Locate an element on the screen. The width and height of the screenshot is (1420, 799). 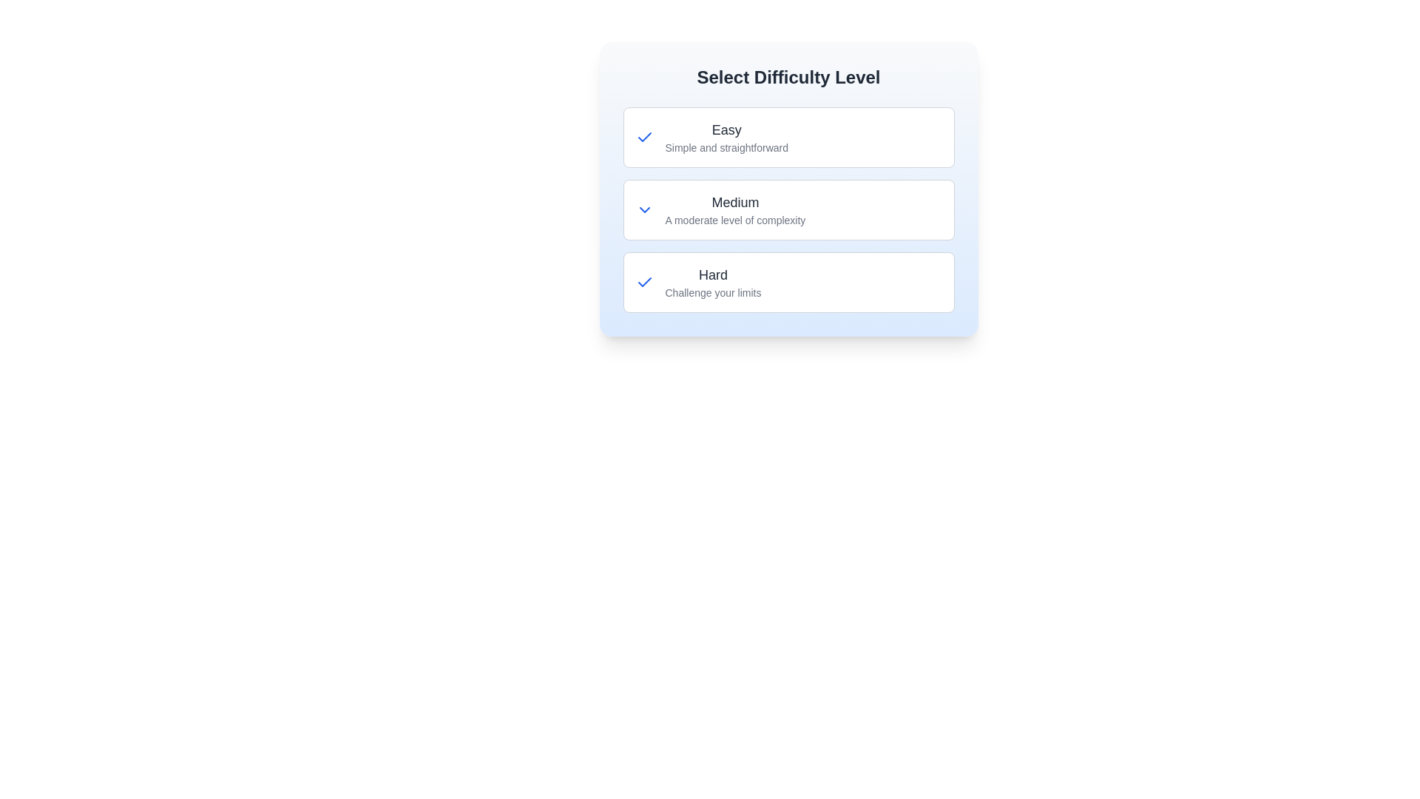
the 'Easy' difficulty level option in the list is located at coordinates (788, 137).